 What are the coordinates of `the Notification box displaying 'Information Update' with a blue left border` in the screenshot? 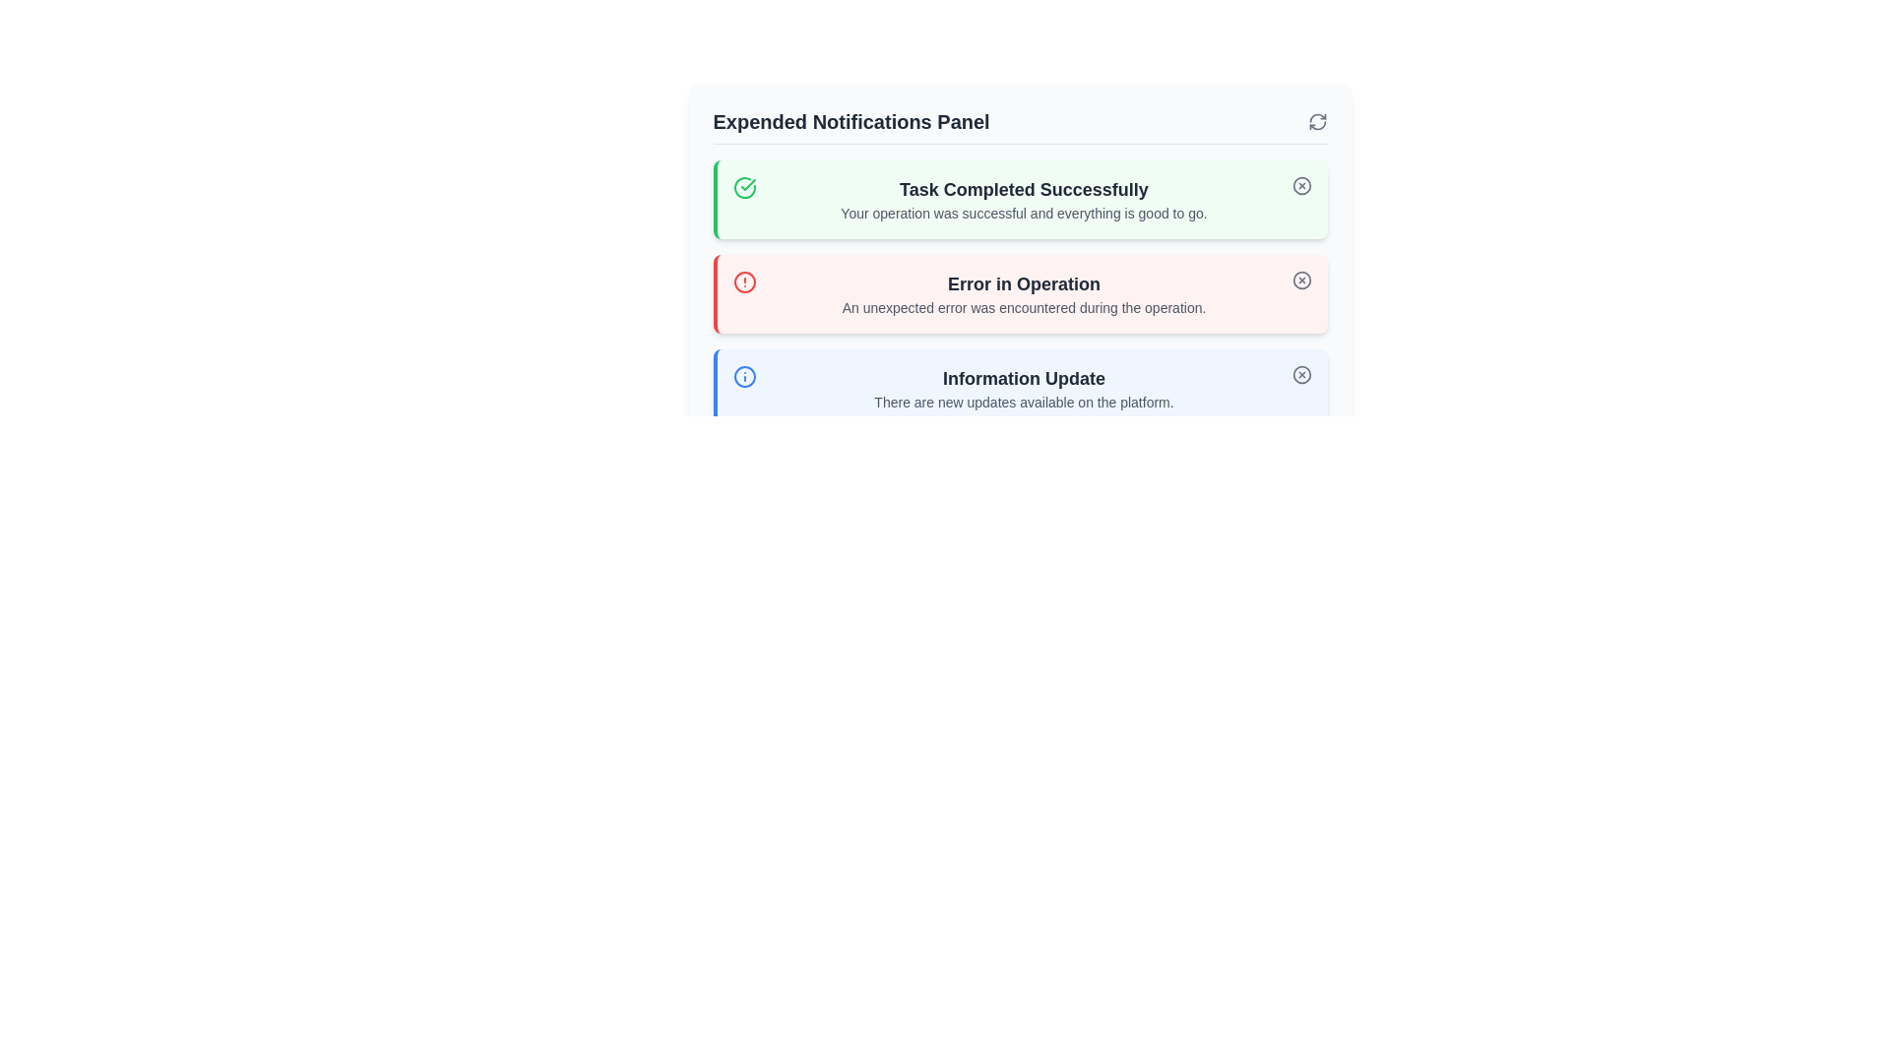 It's located at (1020, 388).